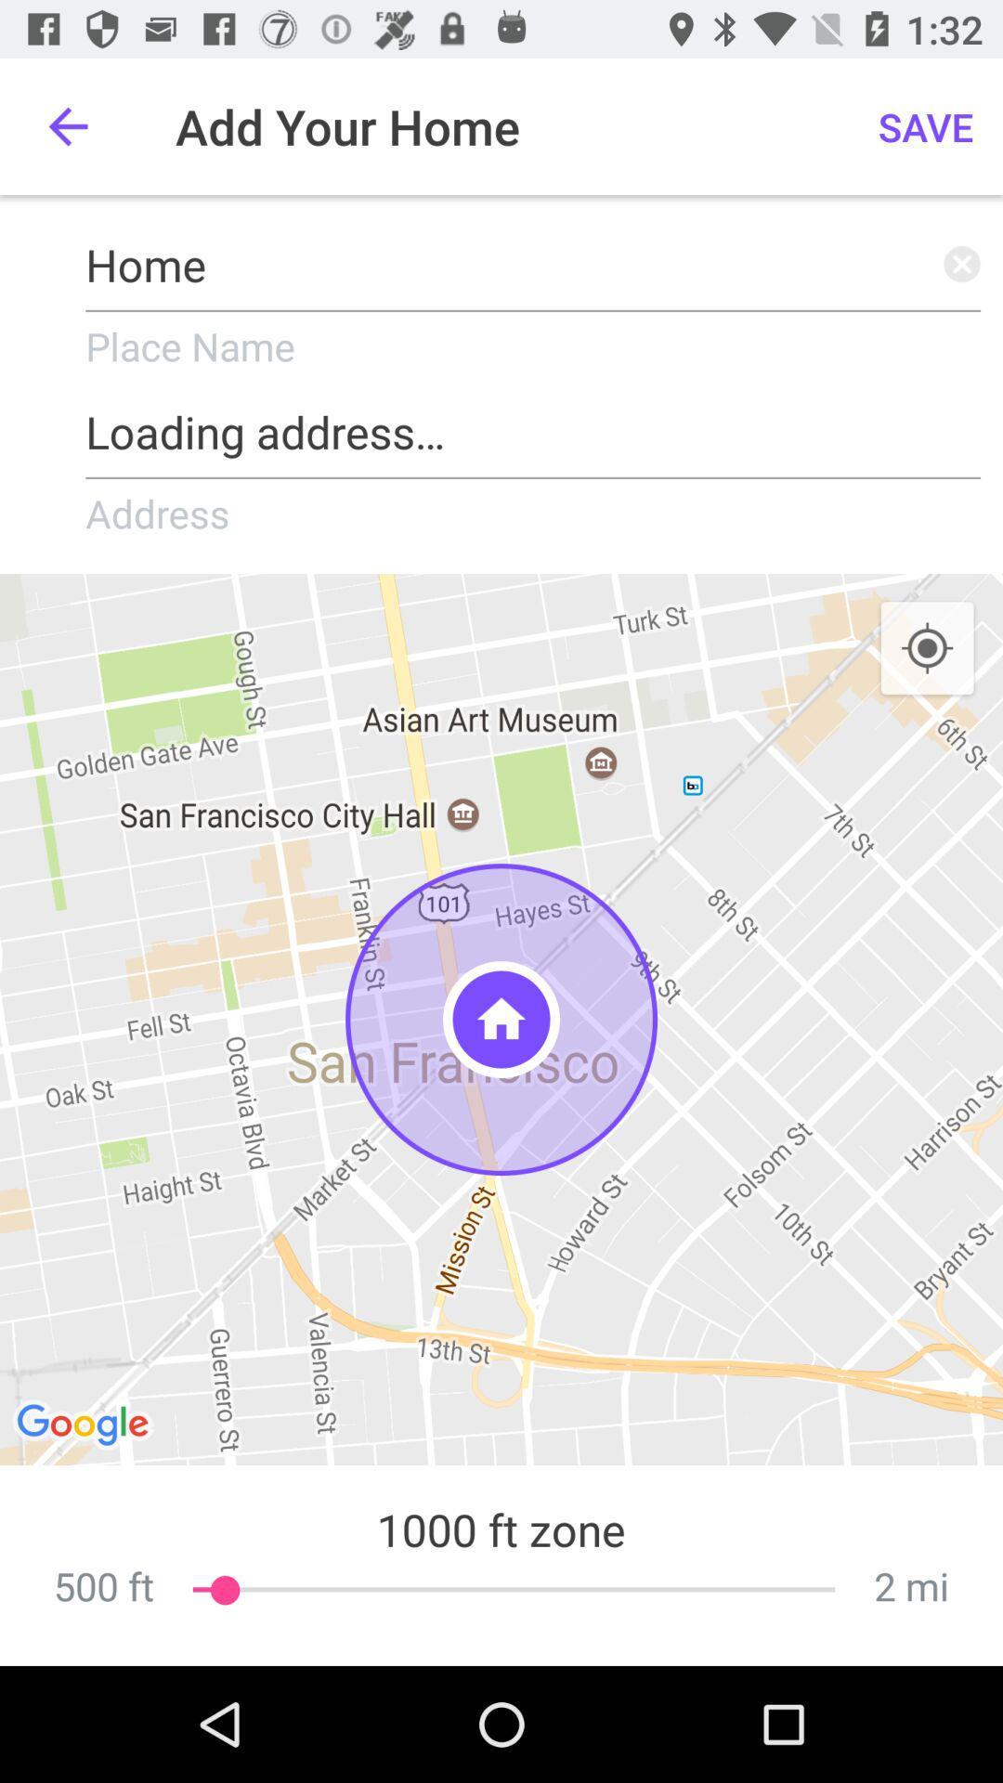 This screenshot has height=1783, width=1003. I want to click on the one which is shown as home symbol, so click(501, 1019).